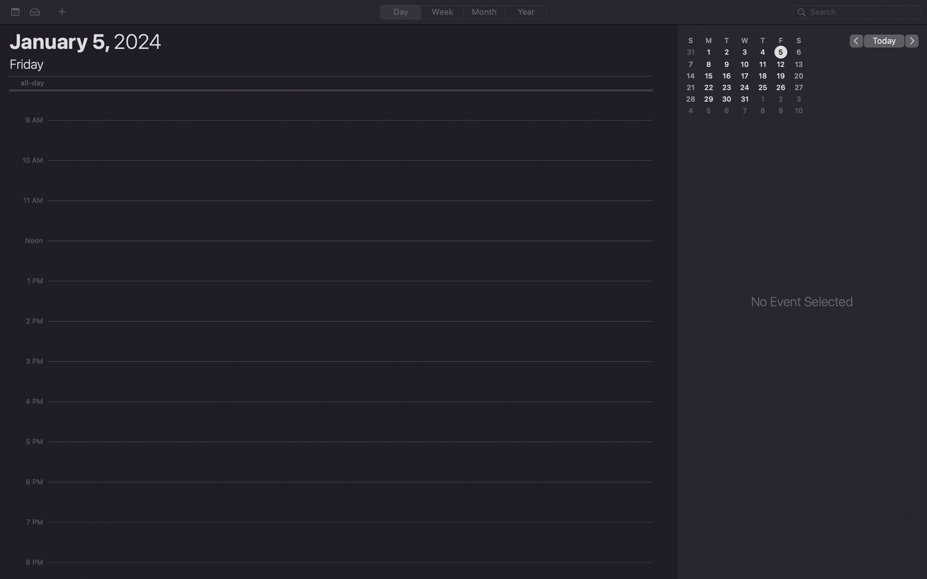  What do you see at coordinates (709, 51) in the screenshot?
I see `the date 1` at bounding box center [709, 51].